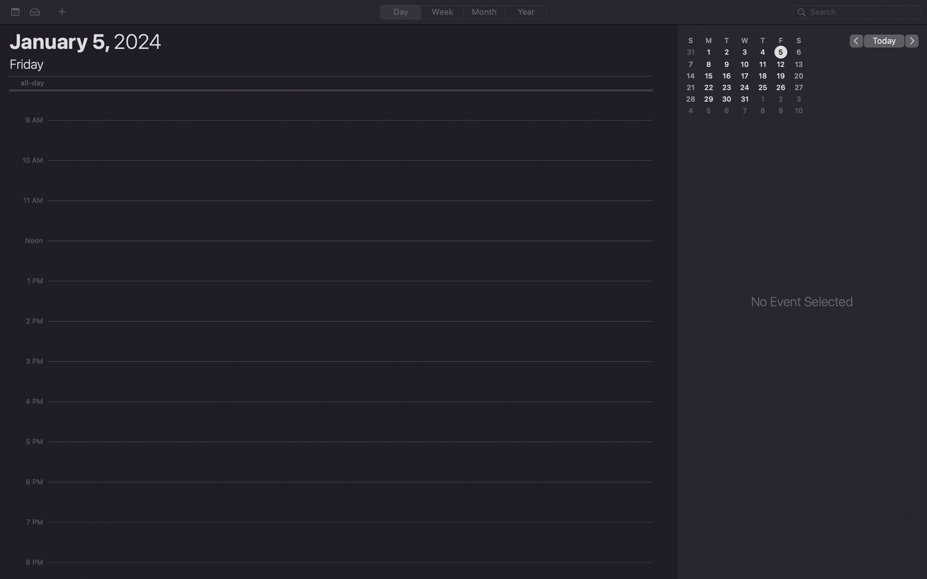  What do you see at coordinates (709, 51) in the screenshot?
I see `the date 1` at bounding box center [709, 51].